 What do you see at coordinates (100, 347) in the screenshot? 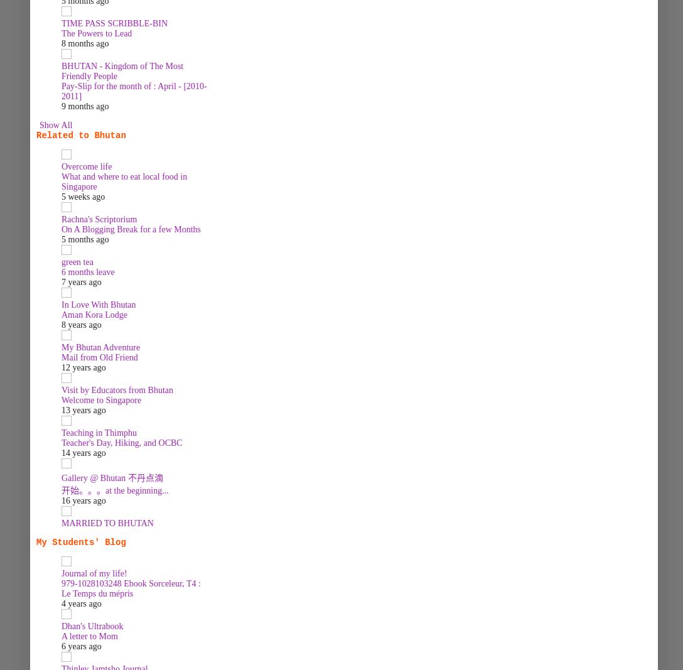
I see `'My Bhutan Adventure'` at bounding box center [100, 347].